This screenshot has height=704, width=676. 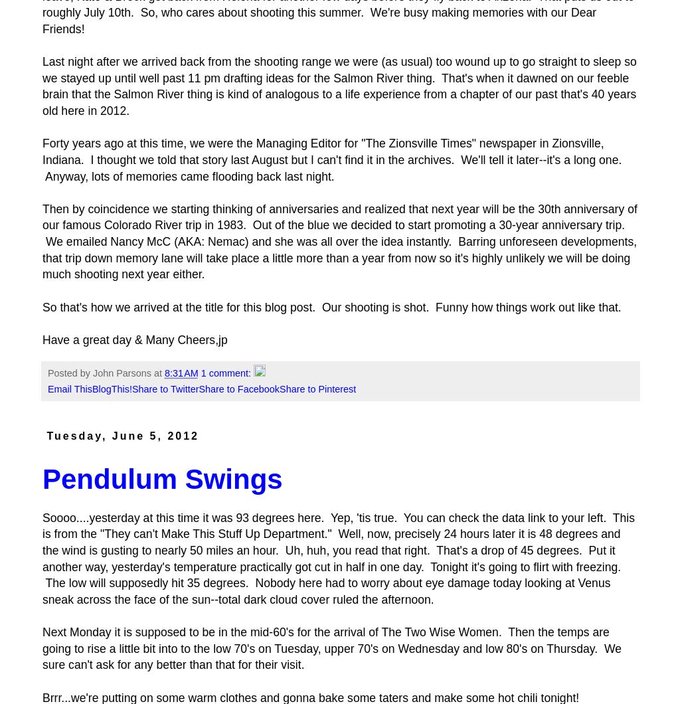 I want to click on '8:31 AM', so click(x=181, y=373).